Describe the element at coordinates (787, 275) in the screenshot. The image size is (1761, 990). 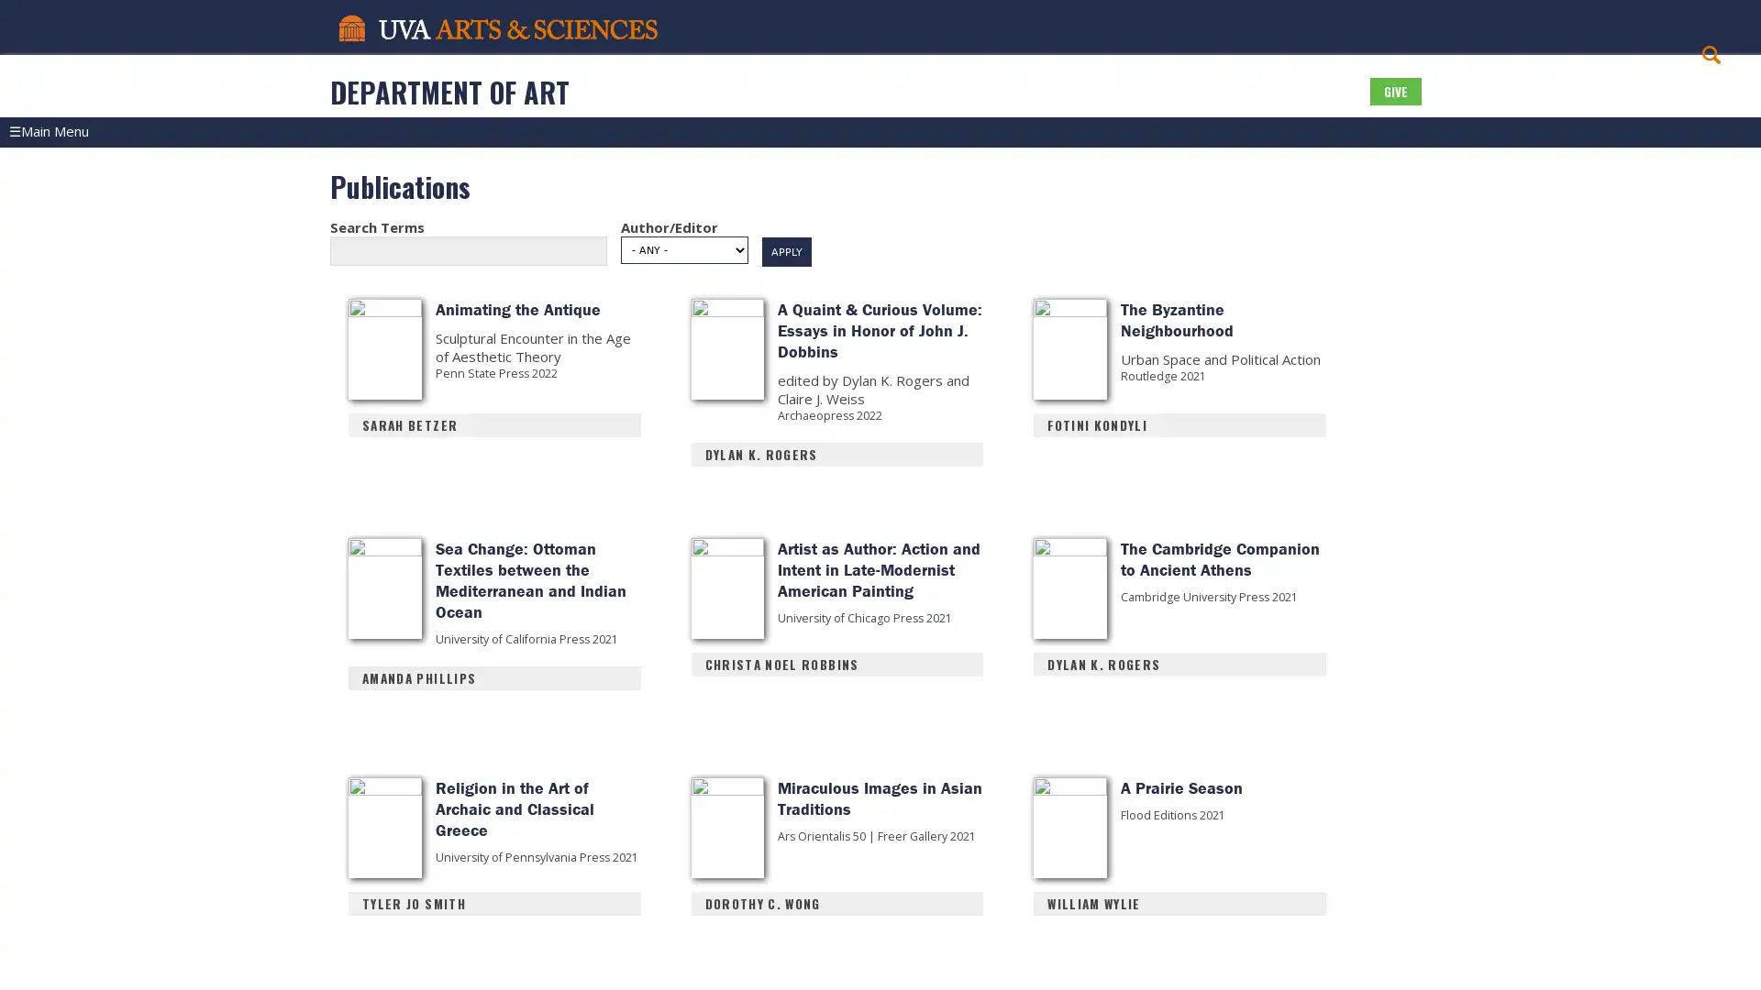
I see `Apply` at that location.